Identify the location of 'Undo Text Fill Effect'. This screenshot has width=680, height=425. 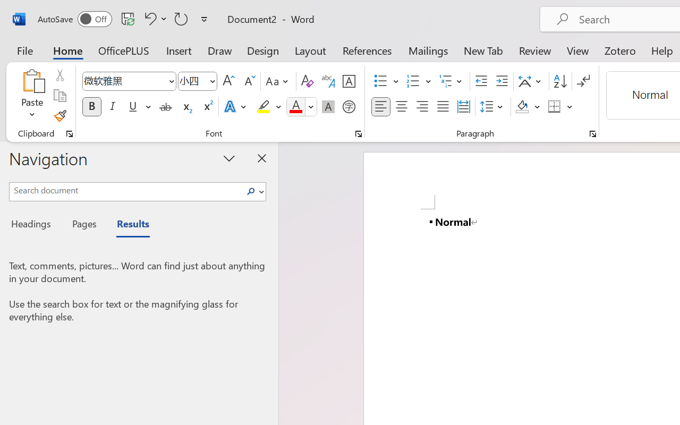
(148, 18).